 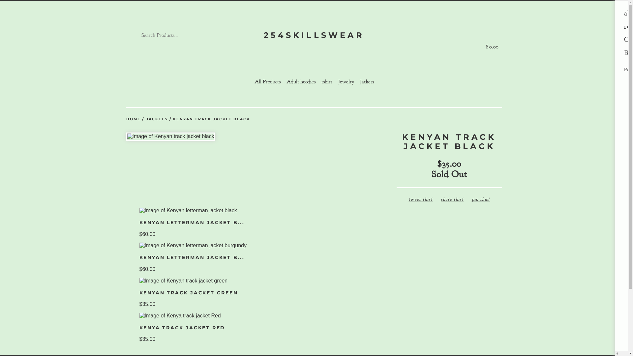 I want to click on 'KENYAN TRACK JACKET GREEN, so click(x=126, y=292).